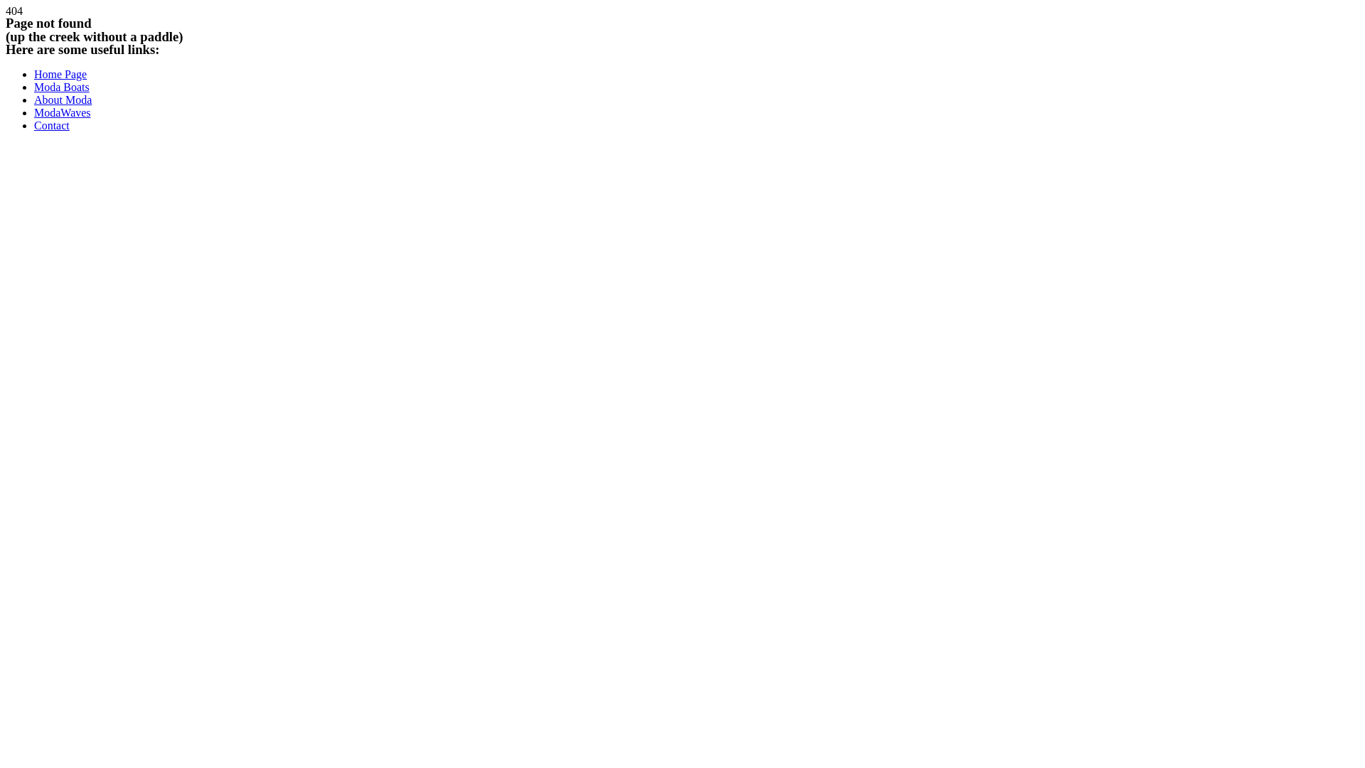  What do you see at coordinates (34, 99) in the screenshot?
I see `'About Moda'` at bounding box center [34, 99].